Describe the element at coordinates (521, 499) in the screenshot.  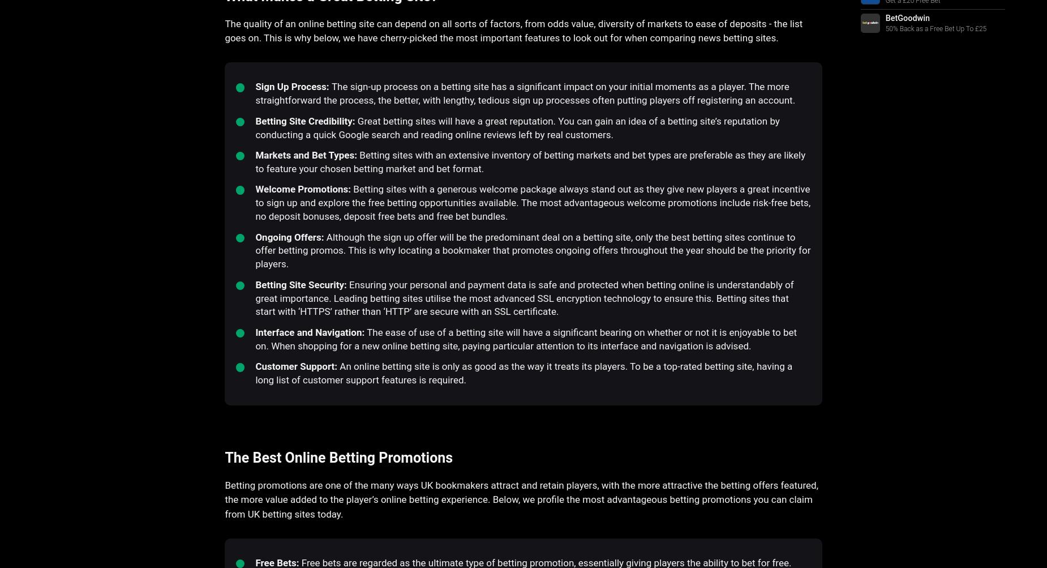
I see `'Betting promotions are one of the many ways UK bookmakers attract and retain players, with the more attractive the betting offers featured, the more value added to the player’s online betting experience. Below, we profile the most advantageous betting promotions you can claim from UK betting sites today.'` at that location.